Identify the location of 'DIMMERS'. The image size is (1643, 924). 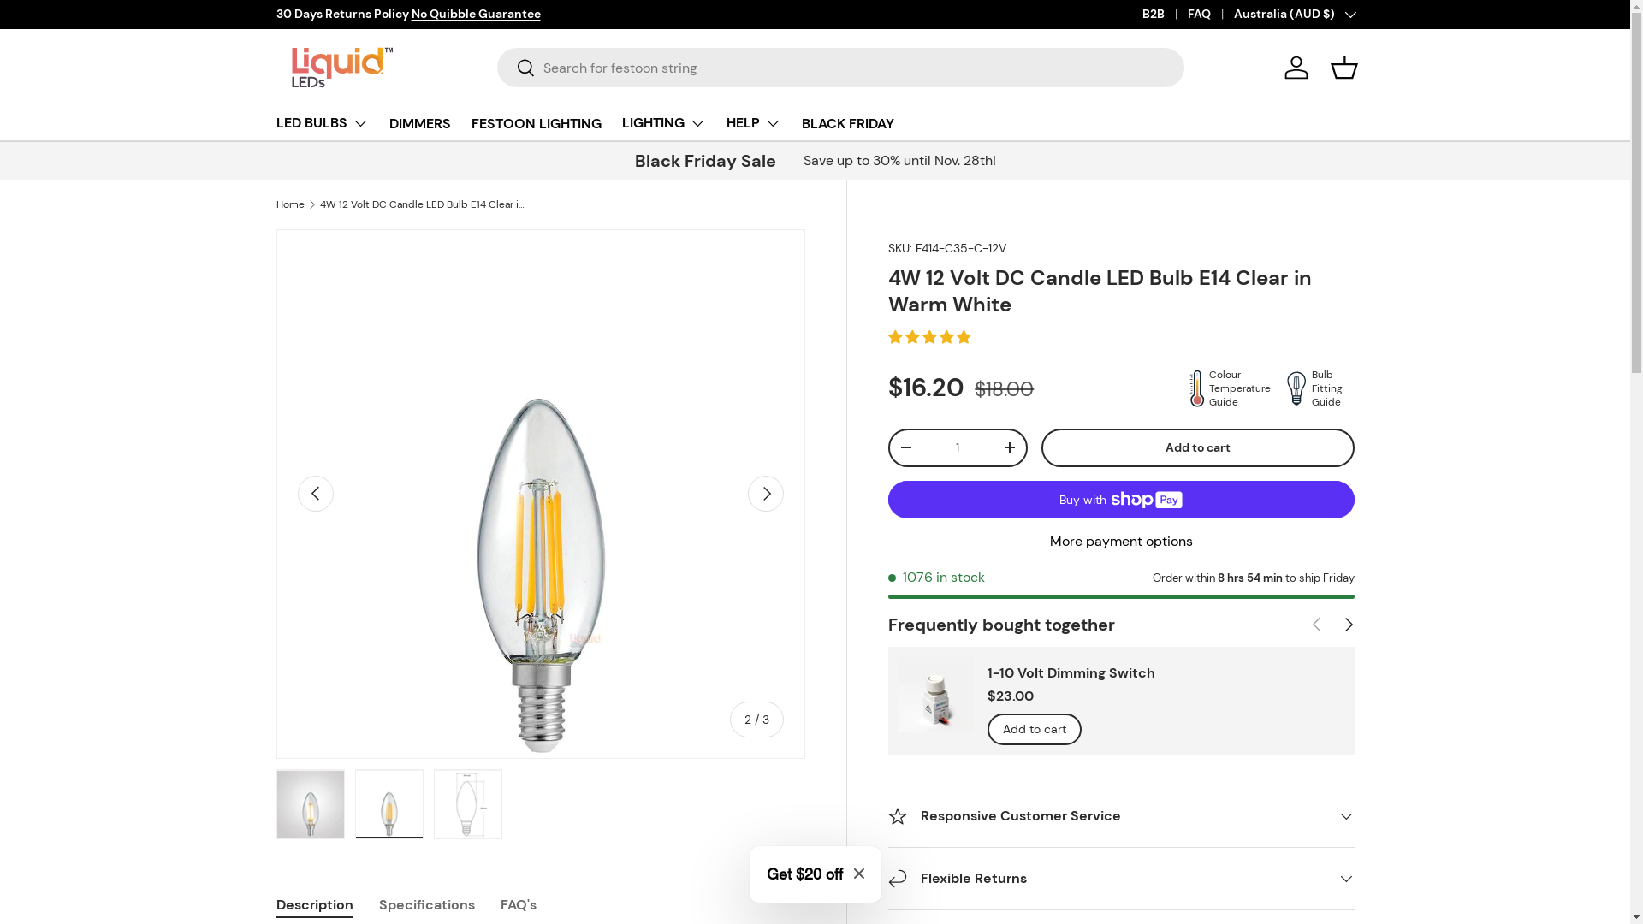
(418, 122).